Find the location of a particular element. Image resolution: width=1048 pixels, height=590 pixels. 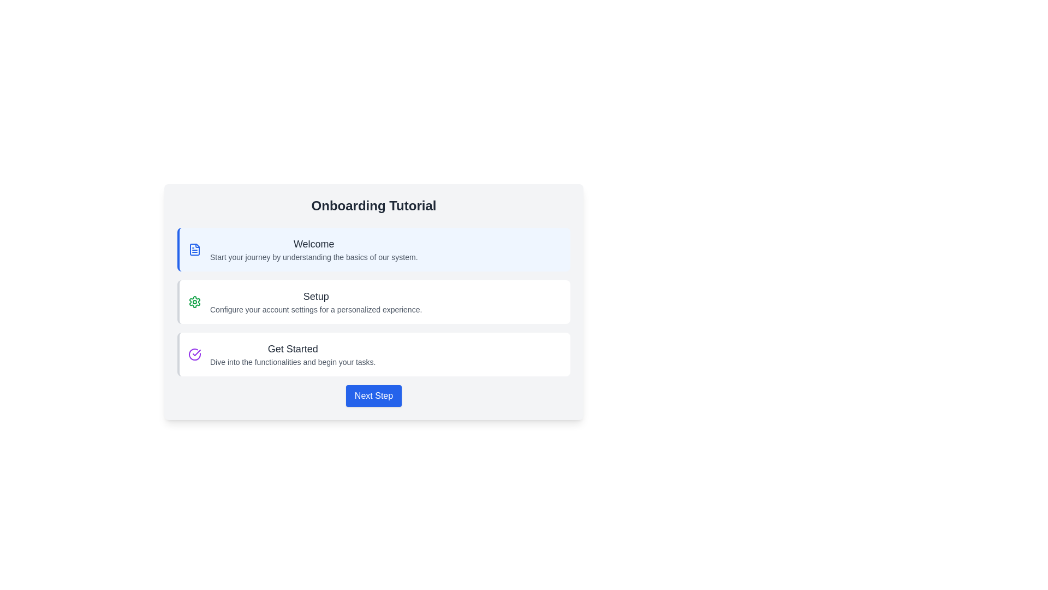

the static text block titled 'Get Started' which includes the description 'Dive into the functionalities and begin your tasks.' located under the 'Onboarding Tutorial' header is located at coordinates (293, 354).